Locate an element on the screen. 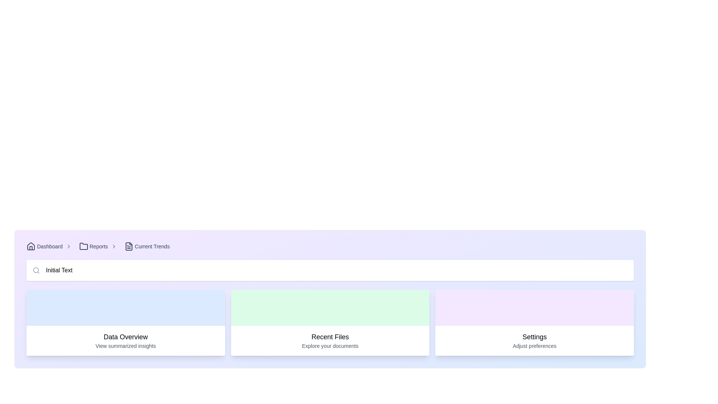 The image size is (718, 404). the vertically aligned text block labeled 'Recent Files' which is visually centered in a white rectangular area below a light green background is located at coordinates (330, 340).